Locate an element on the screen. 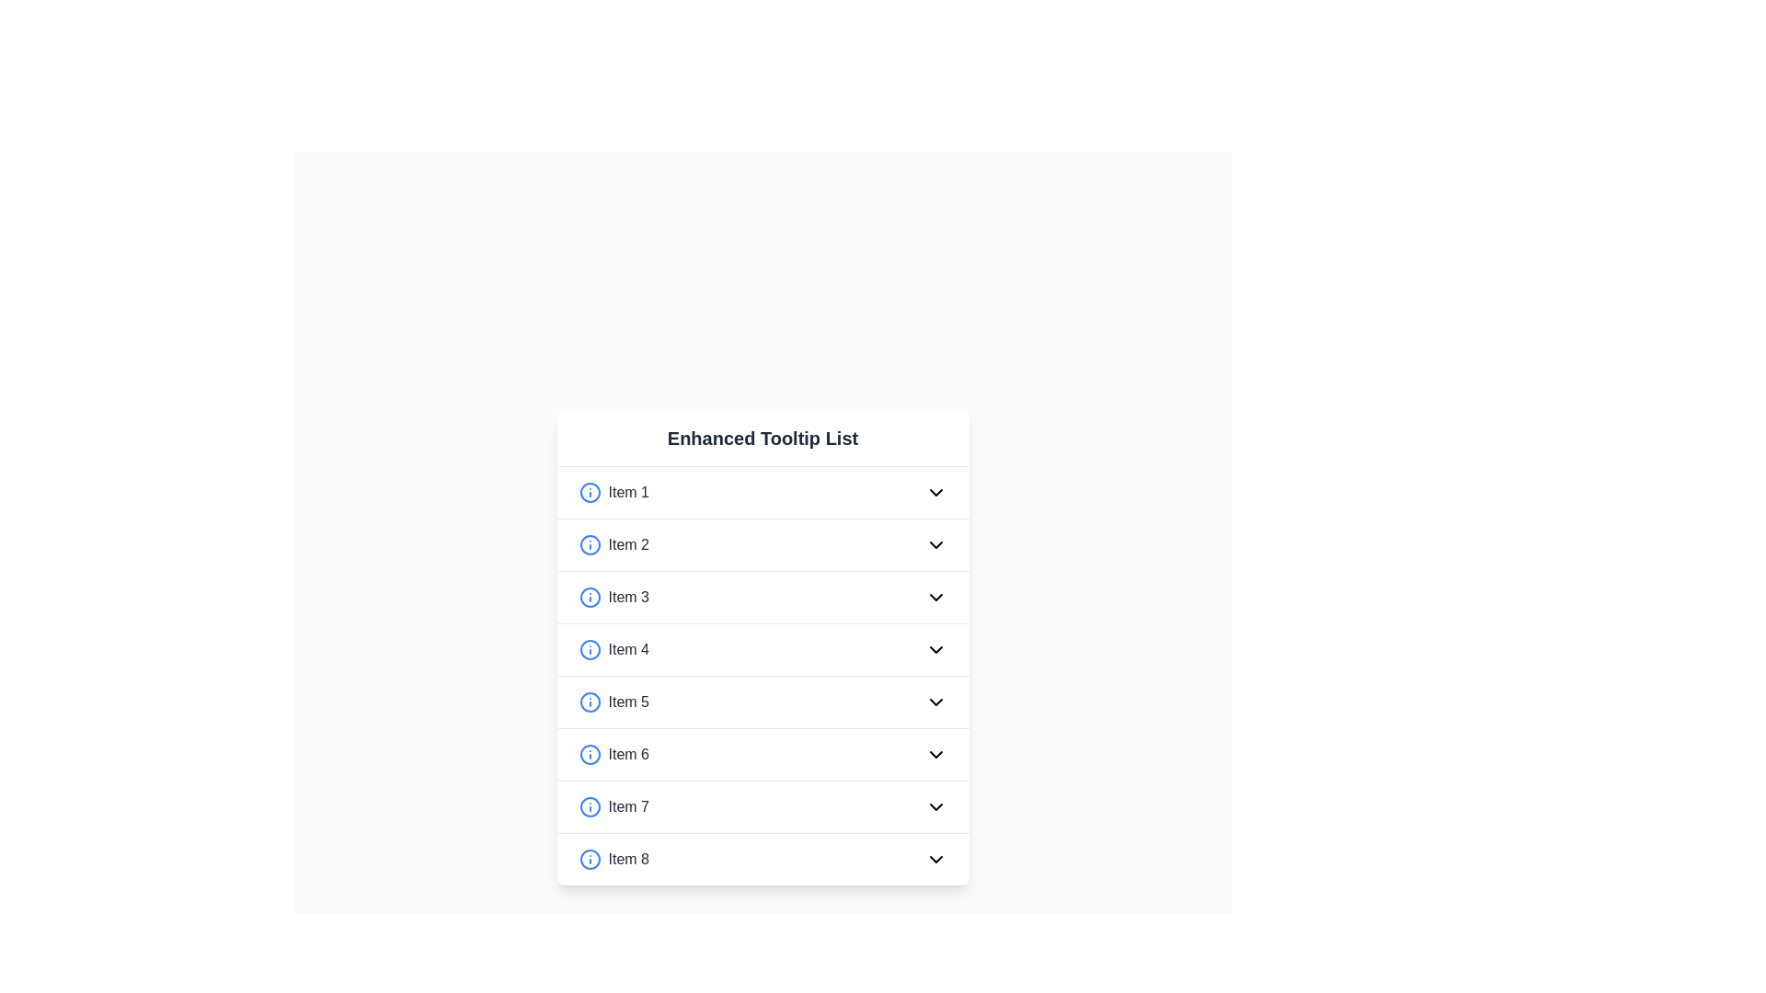 Image resolution: width=1766 pixels, height=993 pixels. the decorative icon (SVG) associated with 'Item 7' located towards the left side of the text in a vertical list is located at coordinates (590, 806).